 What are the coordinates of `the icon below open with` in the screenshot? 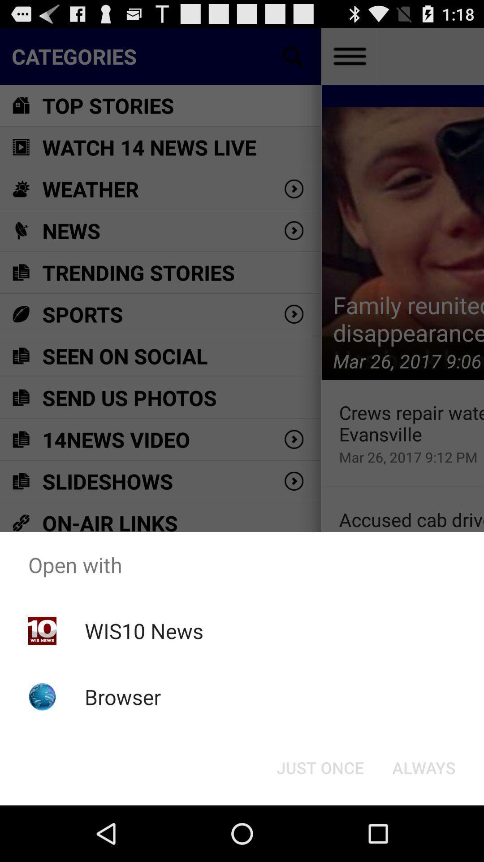 It's located at (143, 630).